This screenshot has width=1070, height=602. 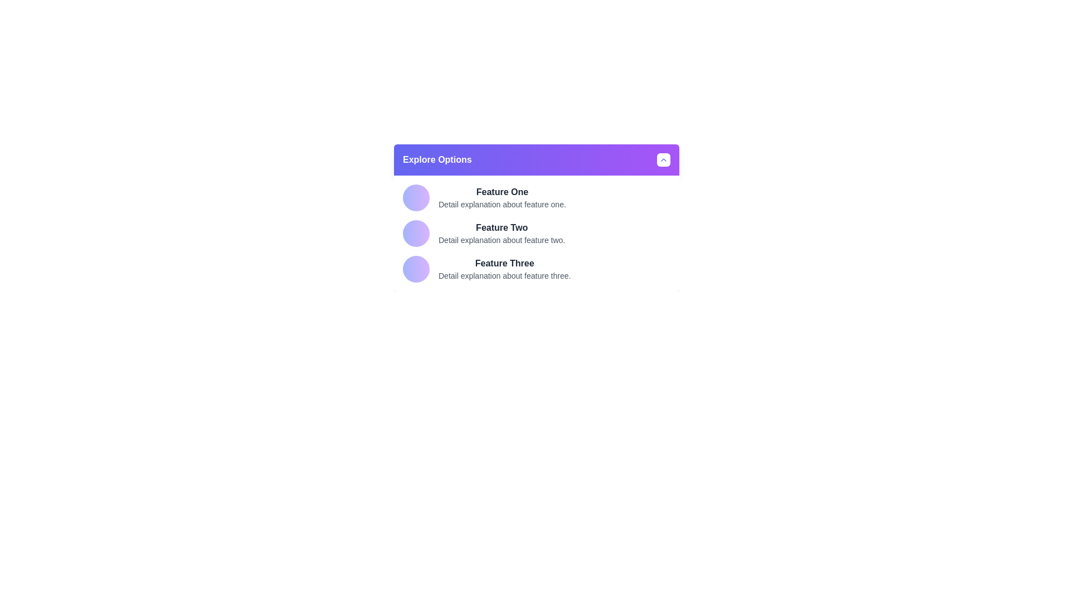 What do you see at coordinates (537, 233) in the screenshot?
I see `the second feature informational list item, which includes a title, description text, and decorative icon` at bounding box center [537, 233].